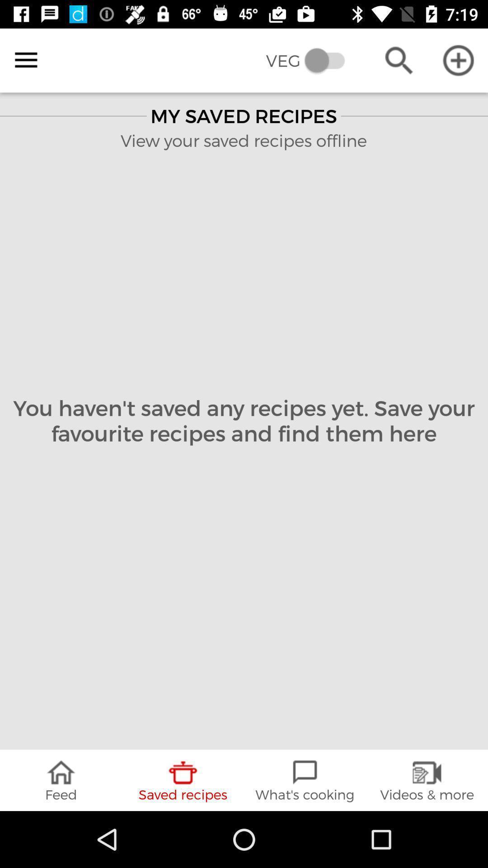 This screenshot has width=488, height=868. Describe the element at coordinates (311, 60) in the screenshot. I see `the icon above the my saved recipes item` at that location.